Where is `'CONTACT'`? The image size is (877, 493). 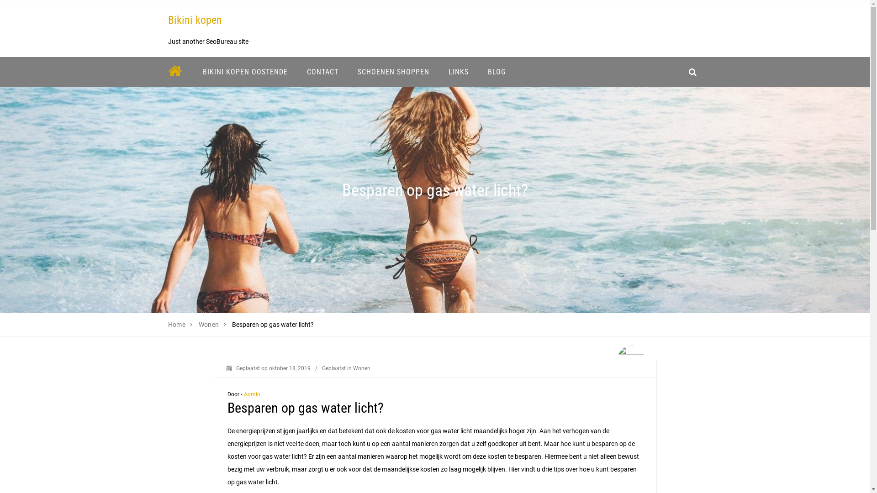 'CONTACT' is located at coordinates (322, 71).